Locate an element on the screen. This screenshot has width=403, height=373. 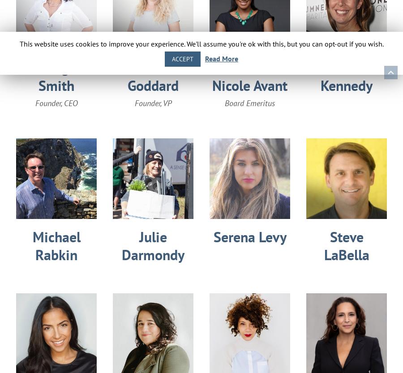
'Board Emeritus' is located at coordinates (249, 103).